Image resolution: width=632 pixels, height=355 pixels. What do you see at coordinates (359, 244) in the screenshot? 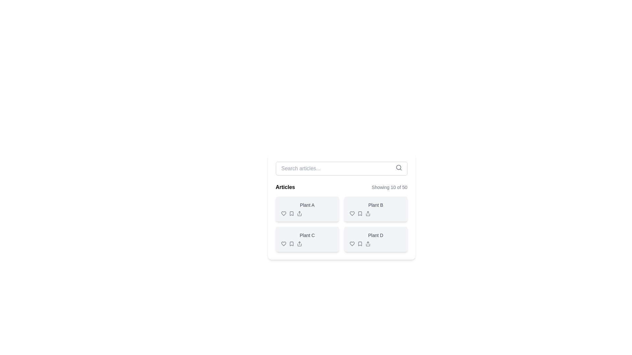
I see `the bookmark icon located in the bottom-right card of the grid under 'Plant D'` at bounding box center [359, 244].